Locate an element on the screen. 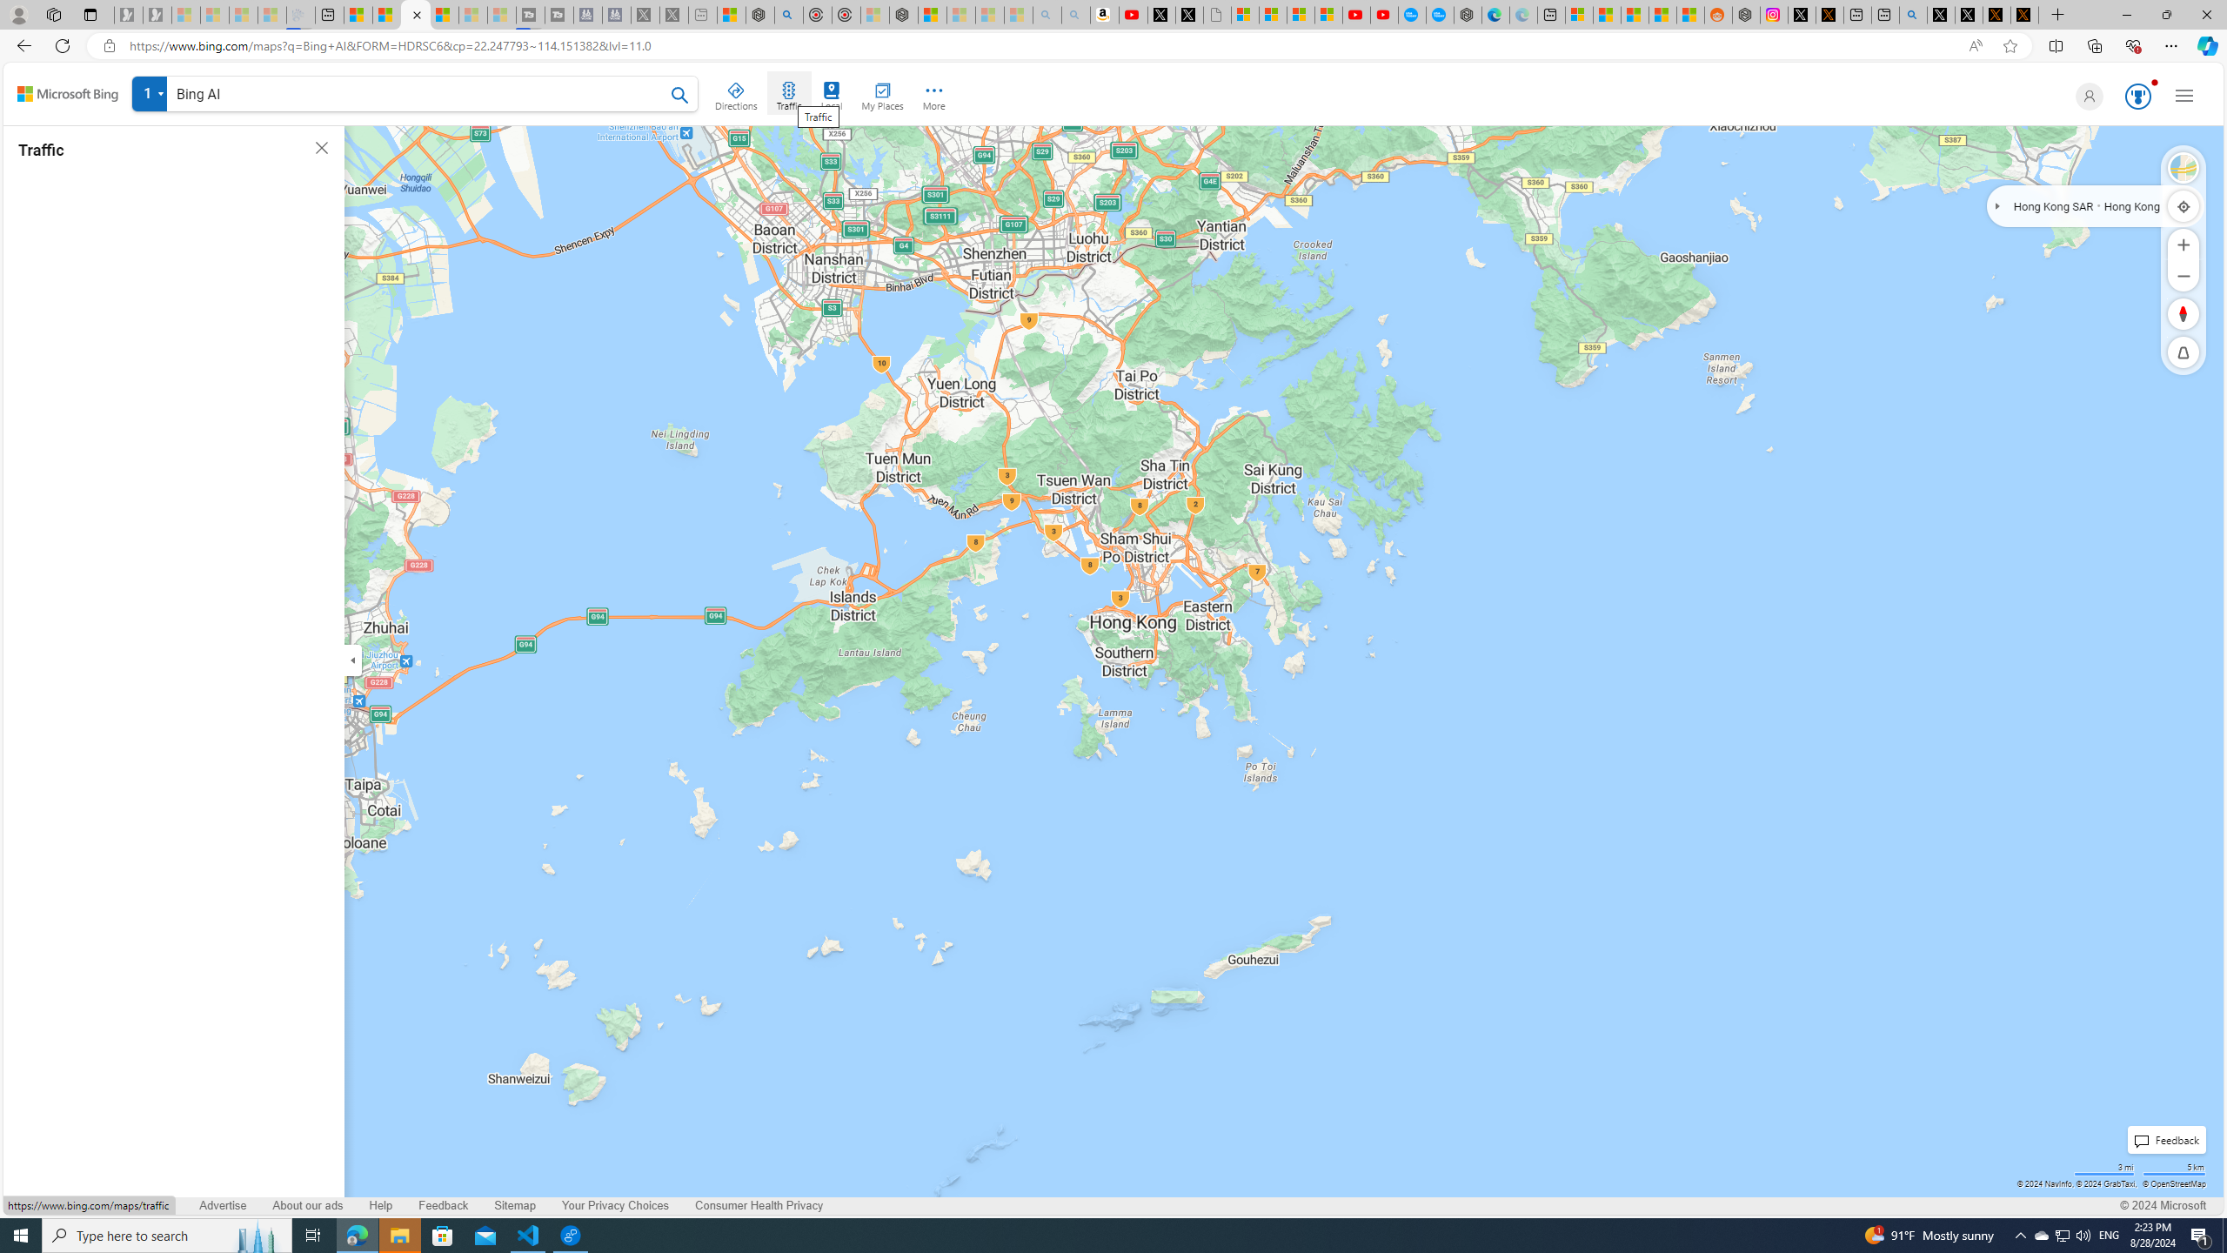 Image resolution: width=2227 pixels, height=1253 pixels. 'Directions' is located at coordinates (737, 93).